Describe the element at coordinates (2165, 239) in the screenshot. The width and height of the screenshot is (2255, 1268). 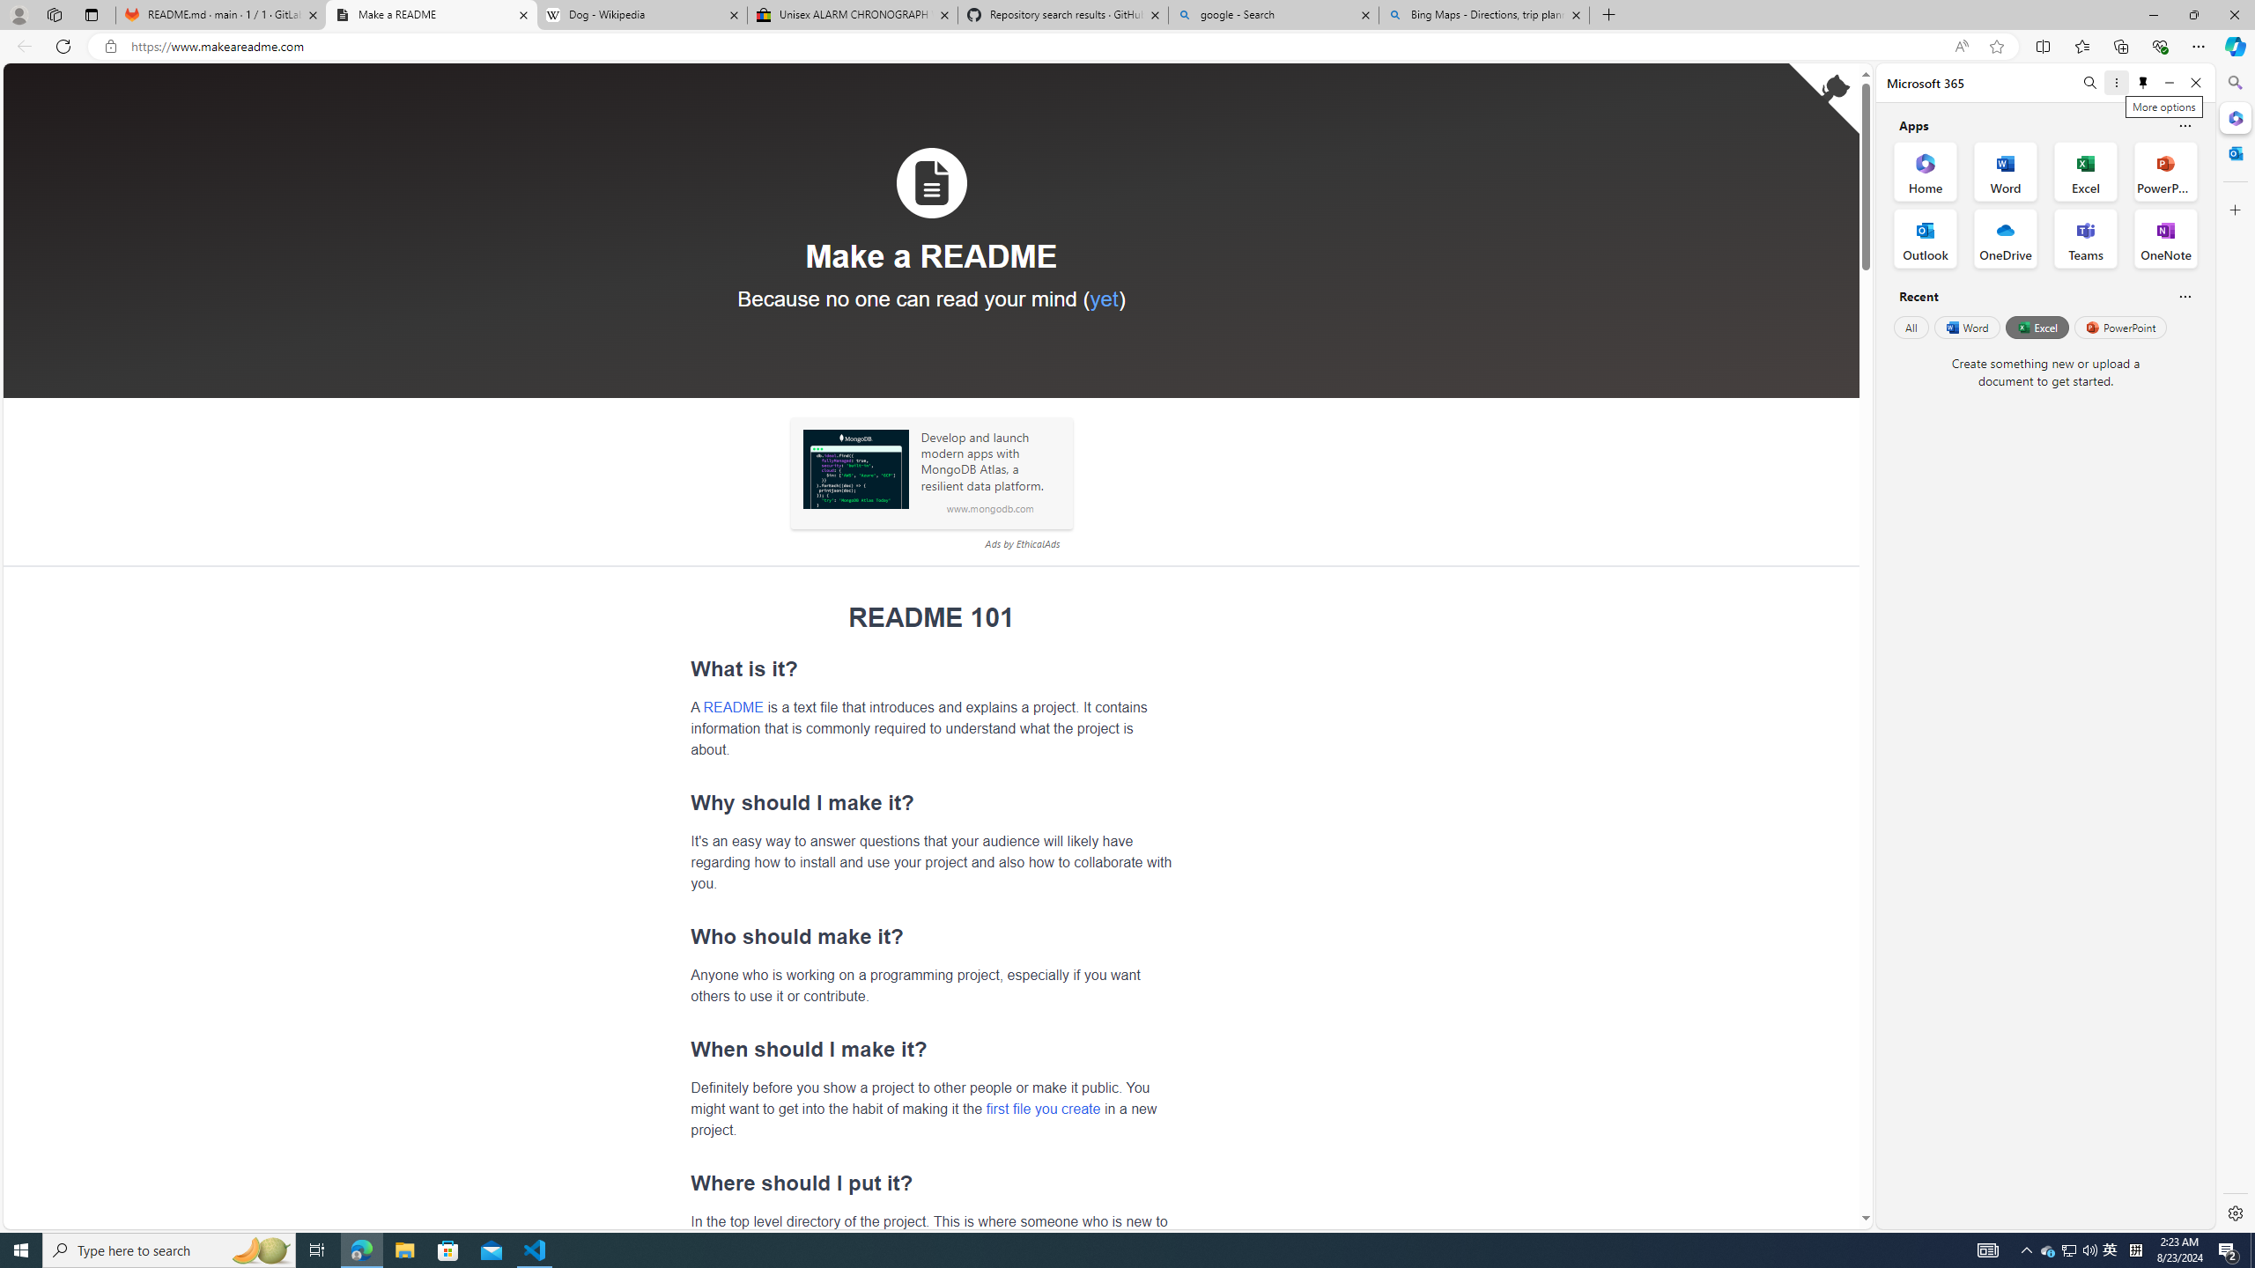
I see `'OneNote Office App'` at that location.